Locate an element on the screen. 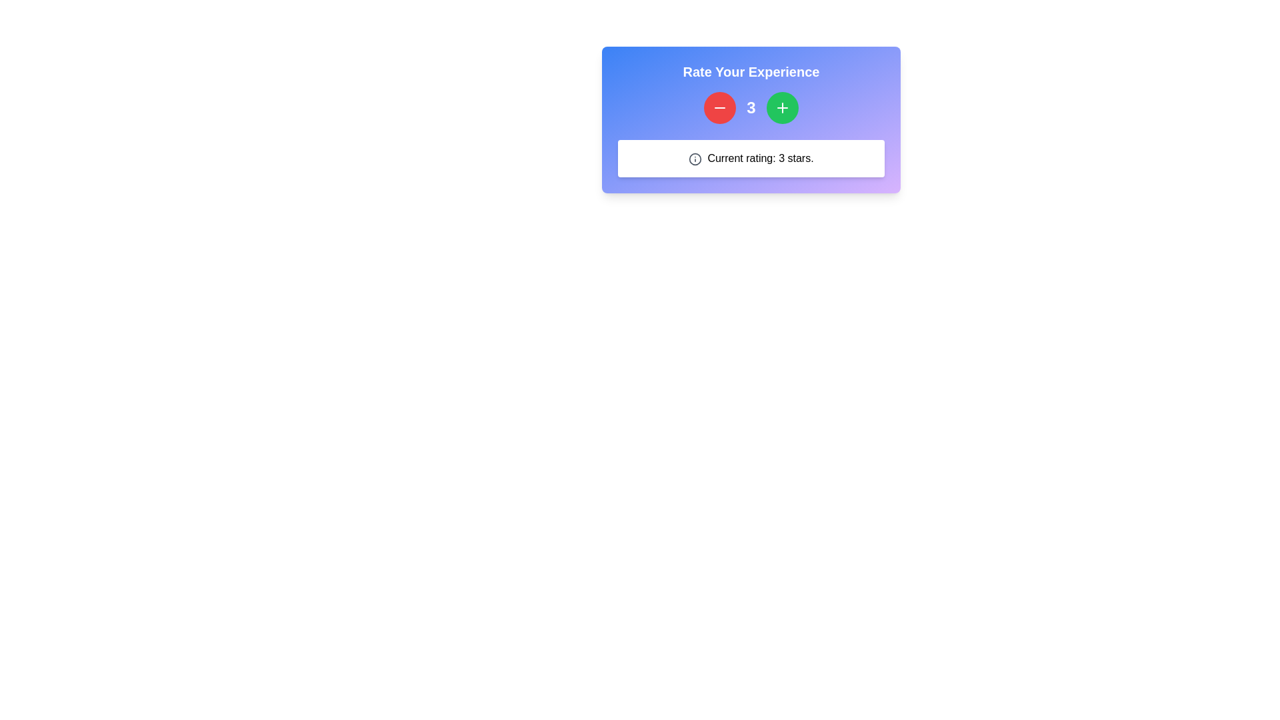  the text label that displays the current rating value, located between the red circular minus button and the green circular plus button is located at coordinates (751, 107).